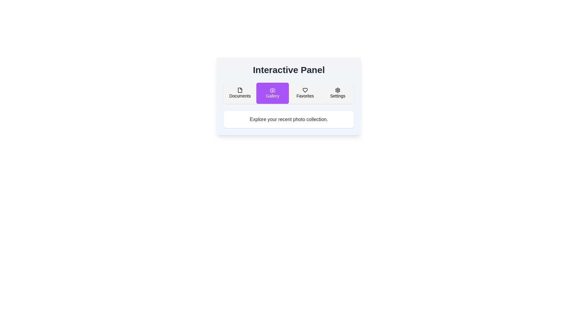  I want to click on the distinct document icon with a black outline located above the 'Documents' text in the horizontal menu, so click(240, 90).